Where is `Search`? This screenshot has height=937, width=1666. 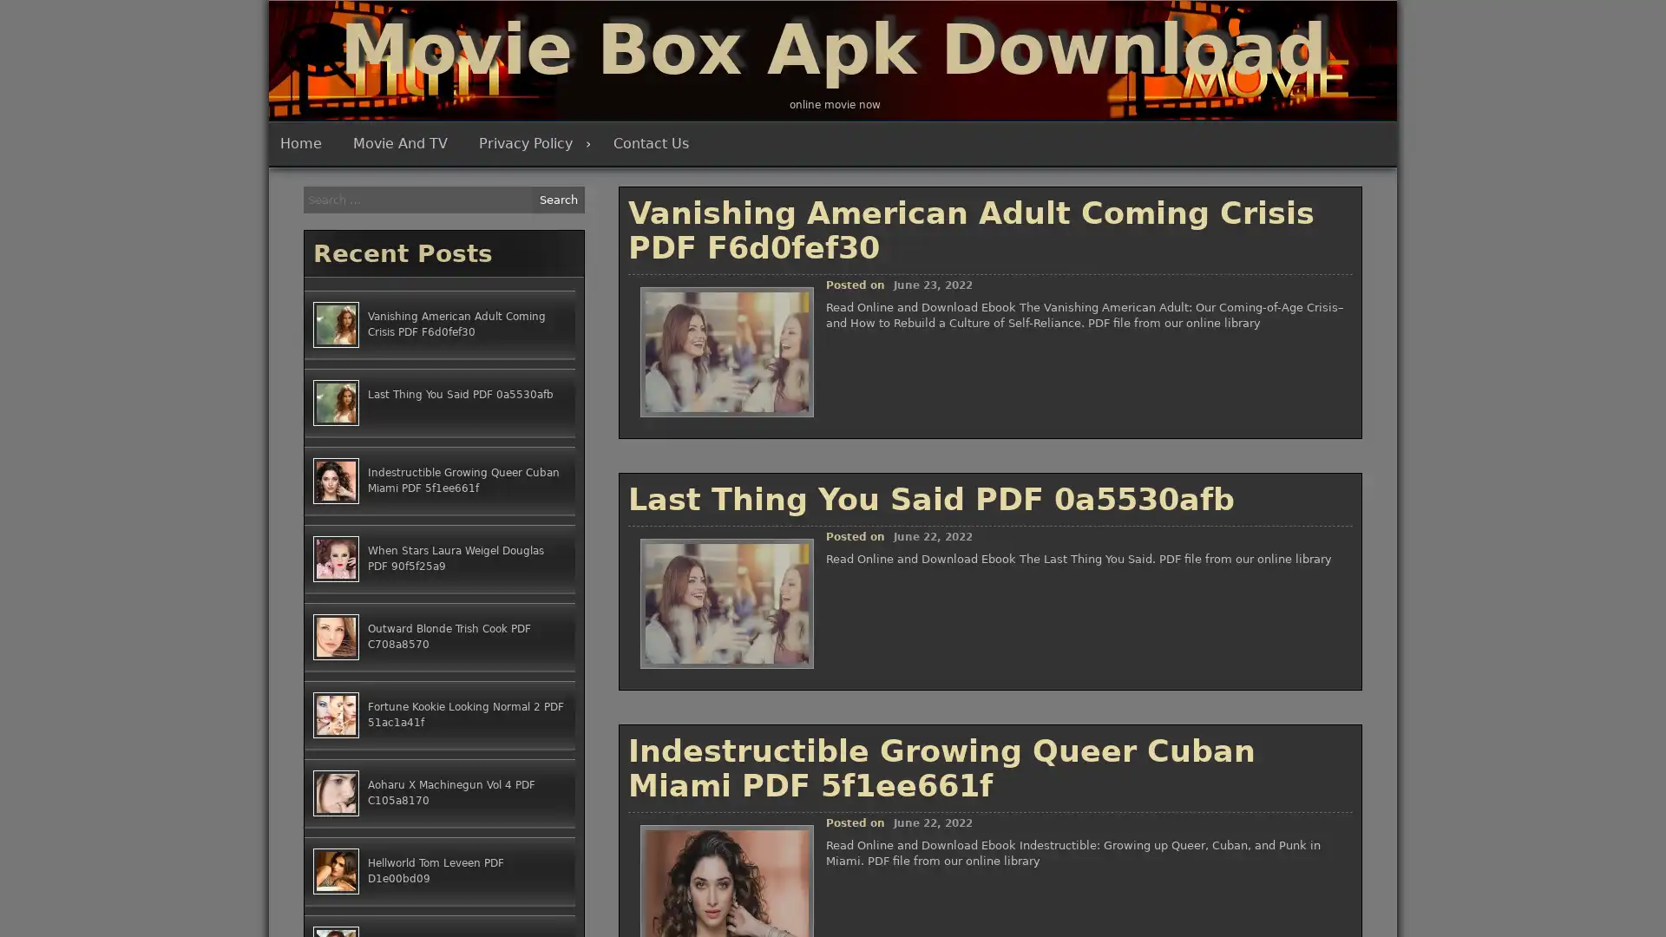 Search is located at coordinates (558, 199).